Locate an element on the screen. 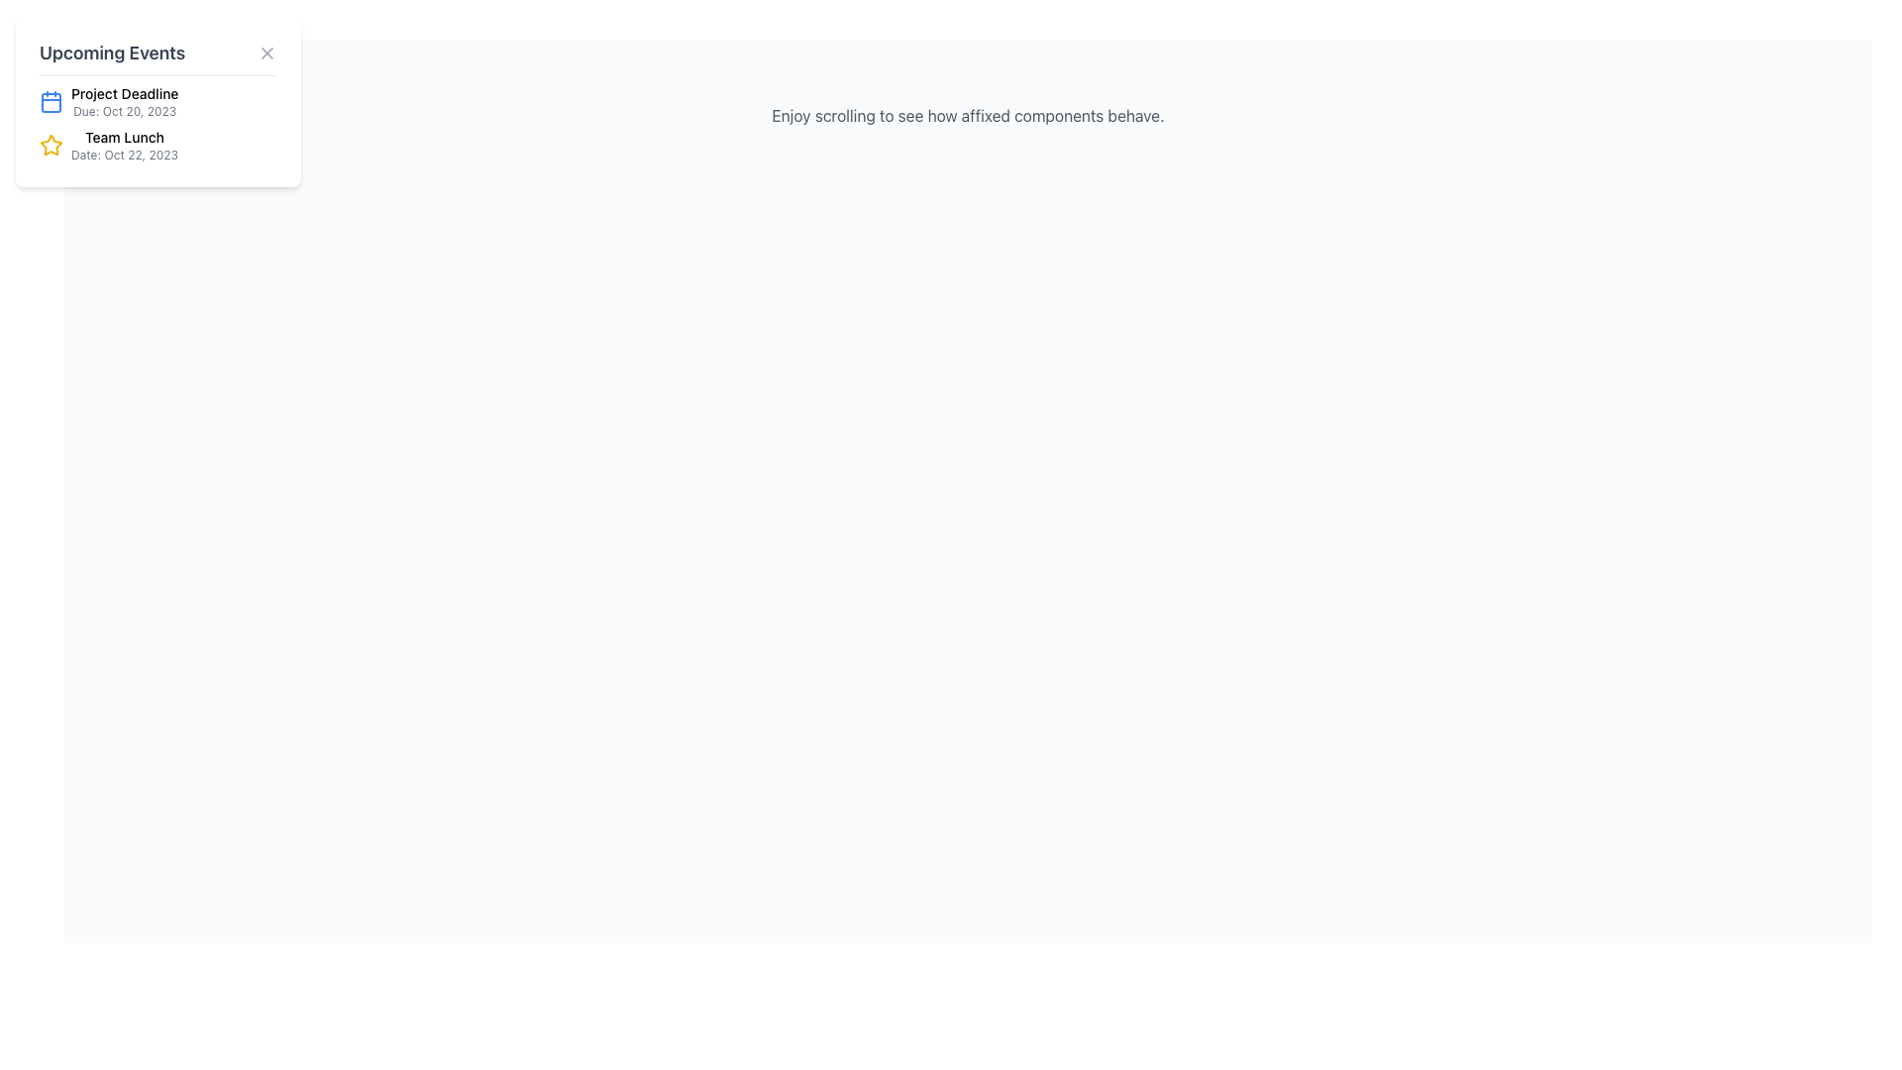 The width and height of the screenshot is (1902, 1070). the close icon in the top-right corner of the 'Upcoming Events' card is located at coordinates (265, 53).